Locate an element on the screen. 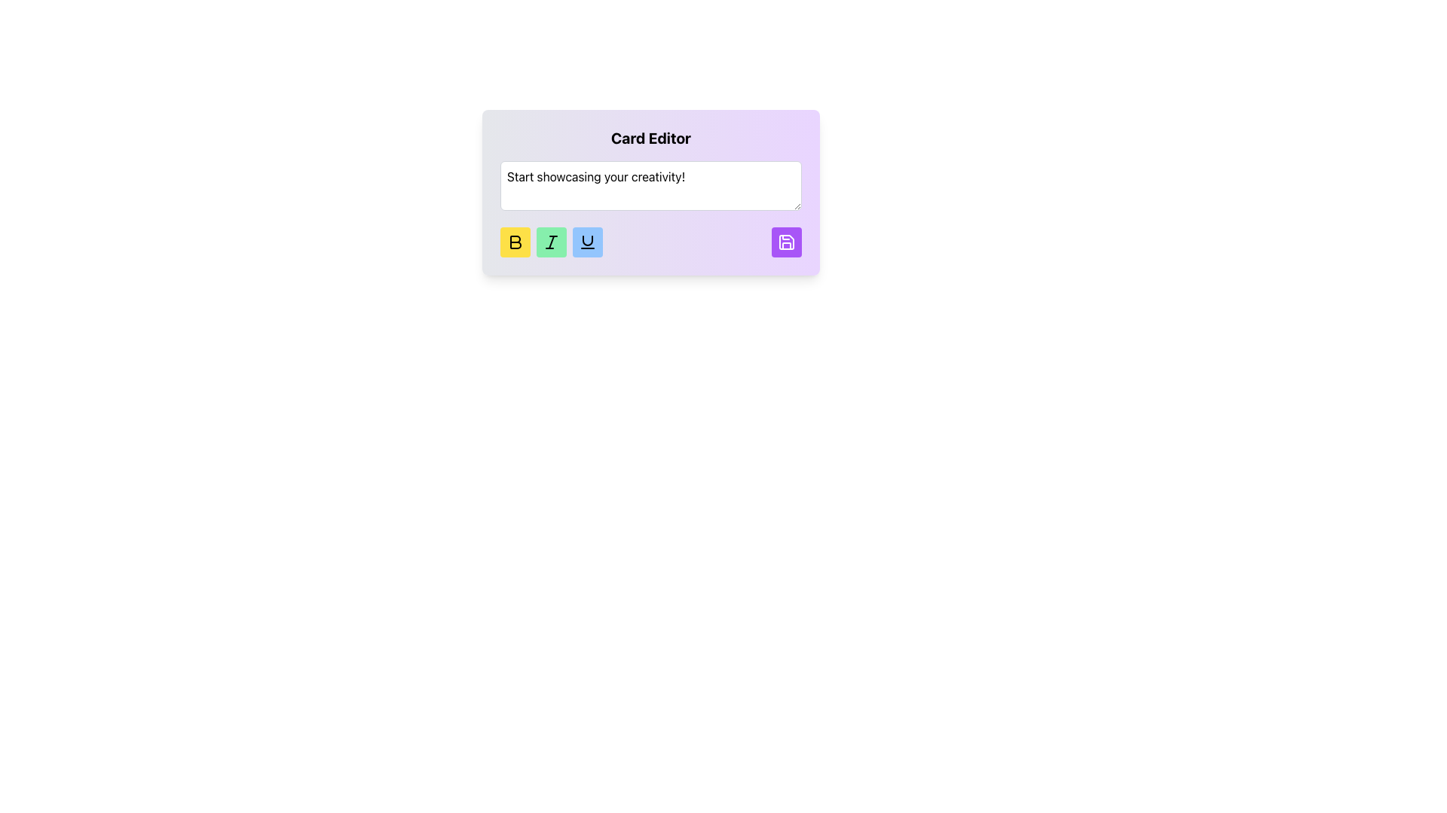  the decorative stroke of the italic formatting icon located in the second position among the toolbar options beneath the input field is located at coordinates (550, 241).